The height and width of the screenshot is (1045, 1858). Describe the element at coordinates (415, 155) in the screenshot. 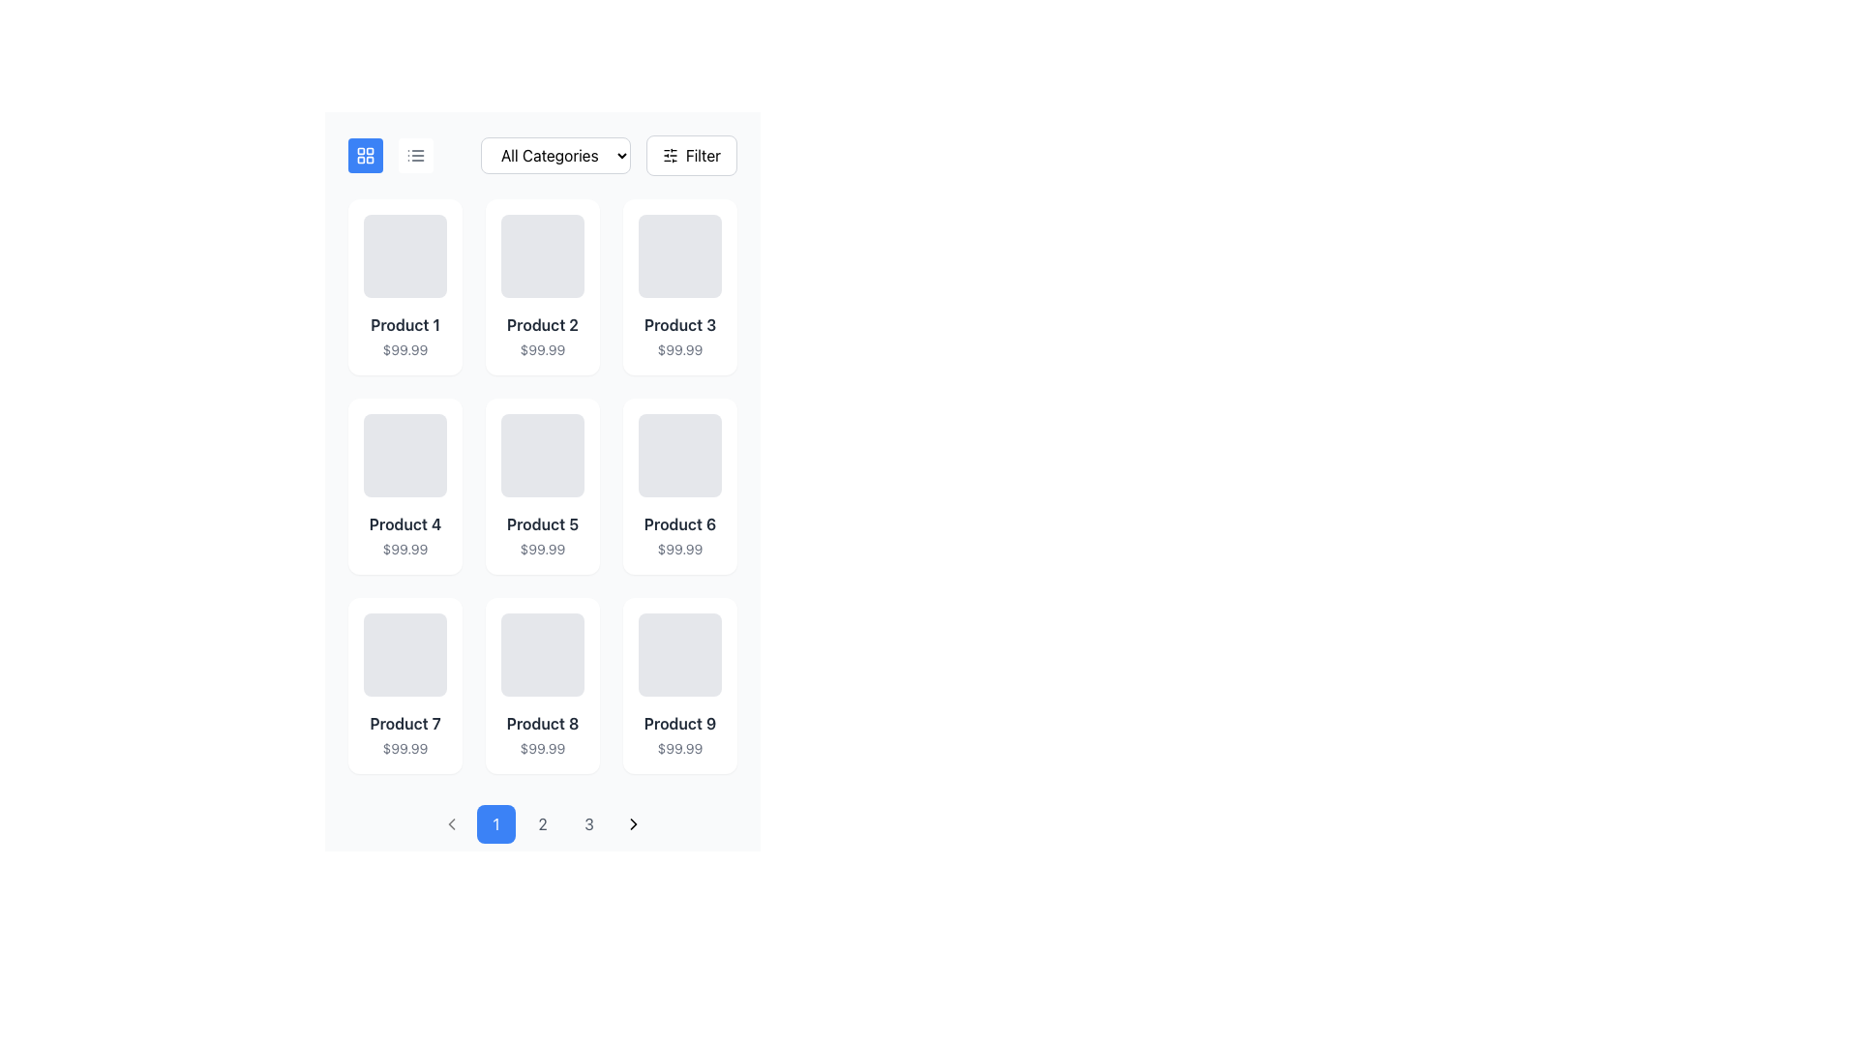

I see `the button with rounded corners and a white background located to the right of a blue button` at that location.